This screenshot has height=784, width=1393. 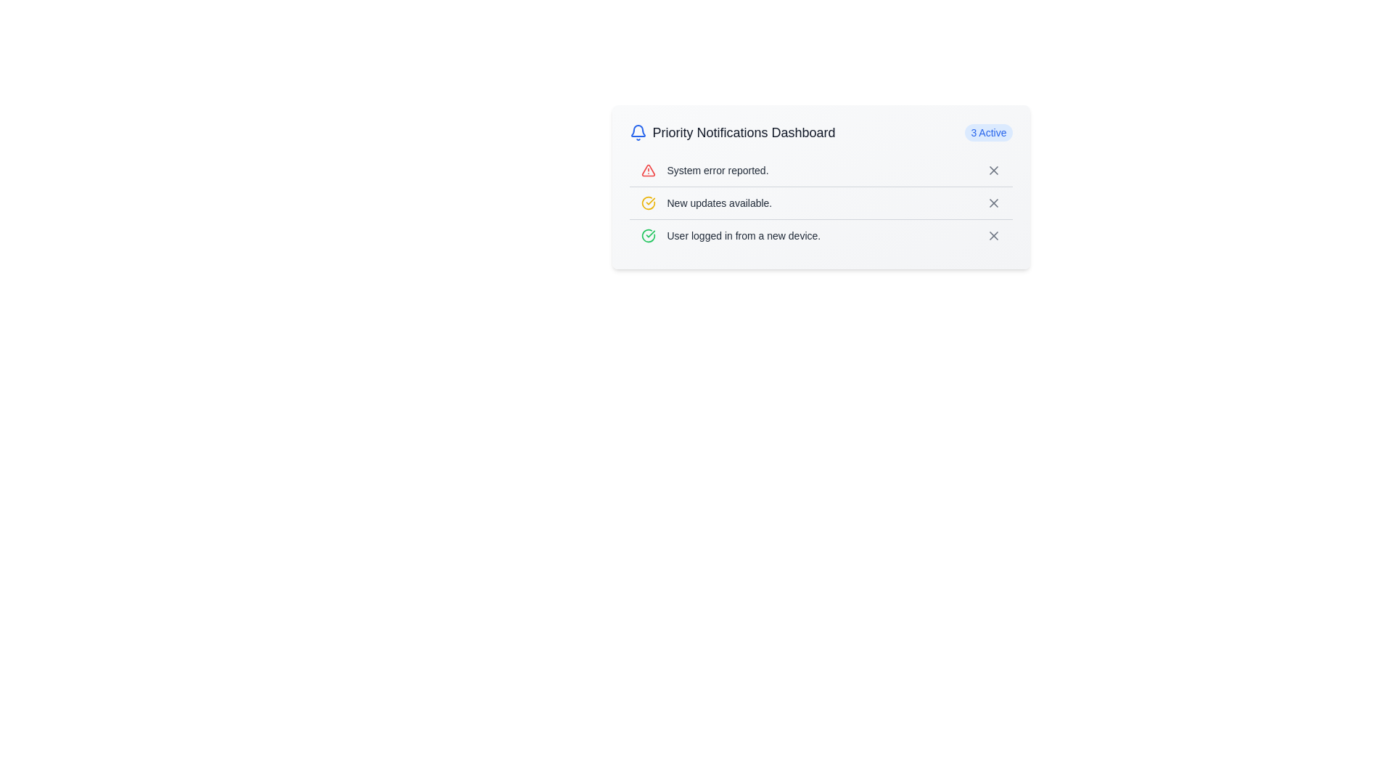 I want to click on the green check-mark icon within a circular outline, which indicates a positive notification for 'User logged in from a new device.', so click(x=647, y=234).